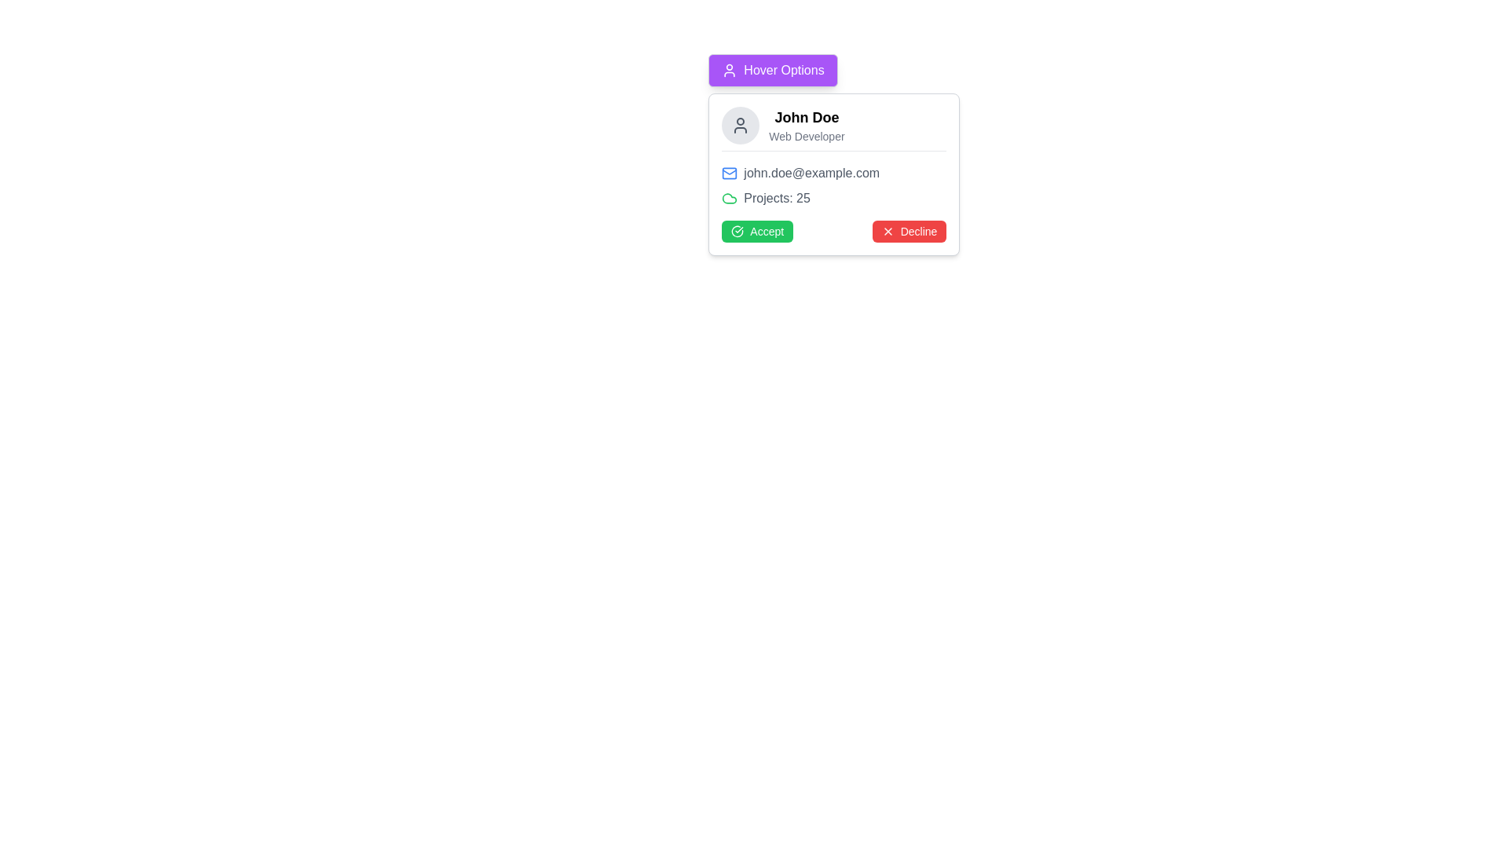 This screenshot has height=848, width=1508. I want to click on the composite text element displaying the user's name and profession, located in the upper-middle portion of the user profile interface, so click(807, 124).